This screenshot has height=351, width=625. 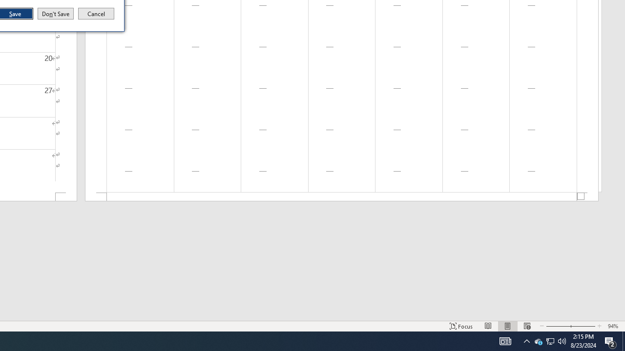 What do you see at coordinates (505, 340) in the screenshot?
I see `'AutomationID: 4105'` at bounding box center [505, 340].